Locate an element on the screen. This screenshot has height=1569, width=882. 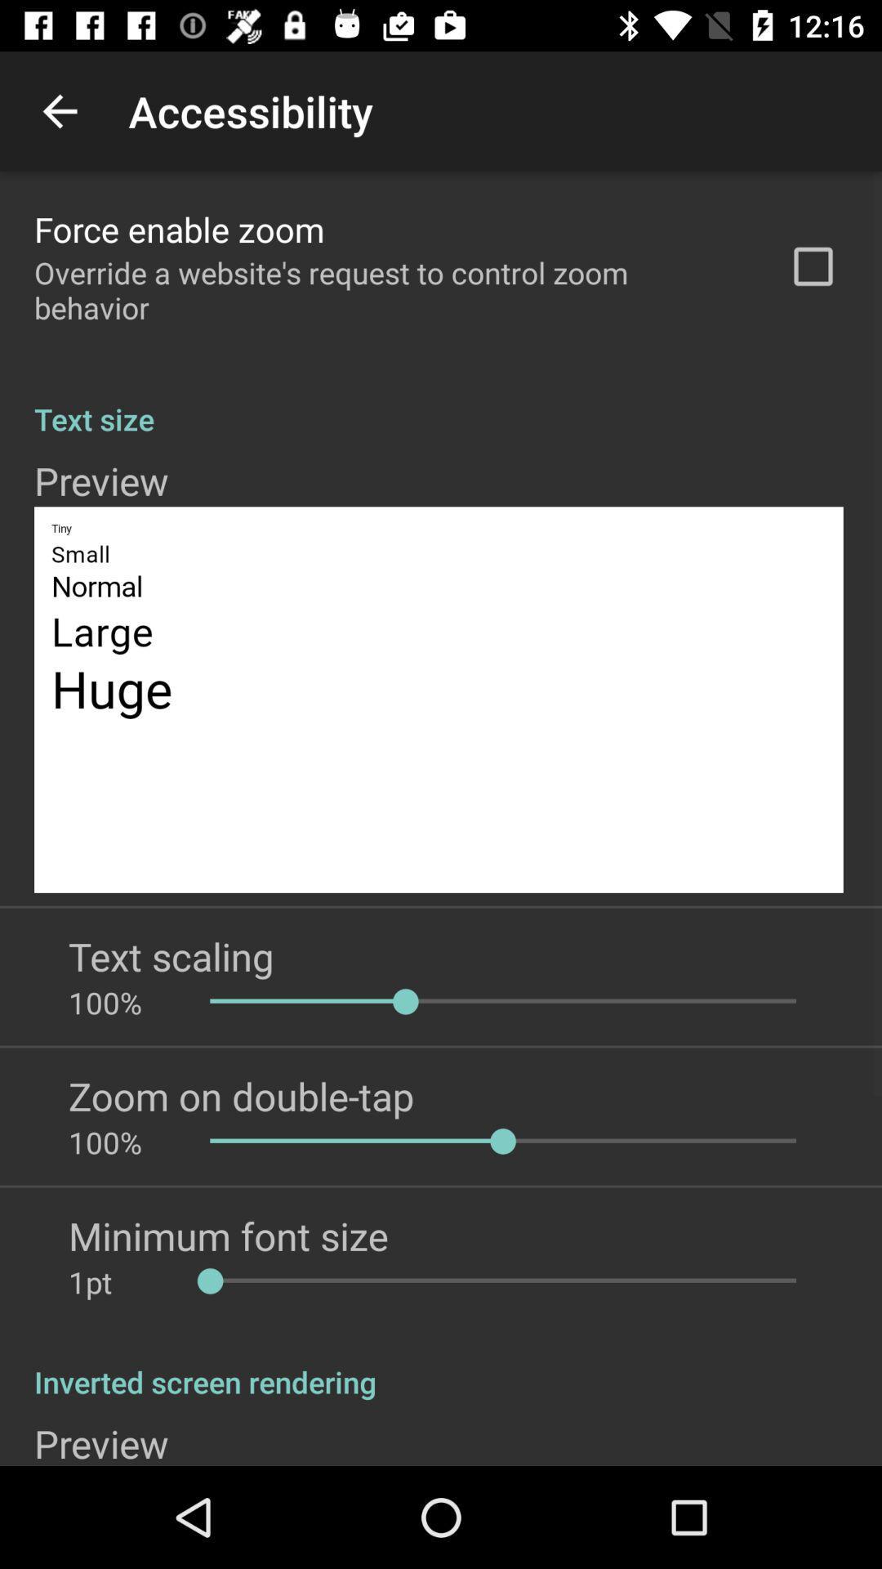
the minimum font size is located at coordinates (228, 1236).